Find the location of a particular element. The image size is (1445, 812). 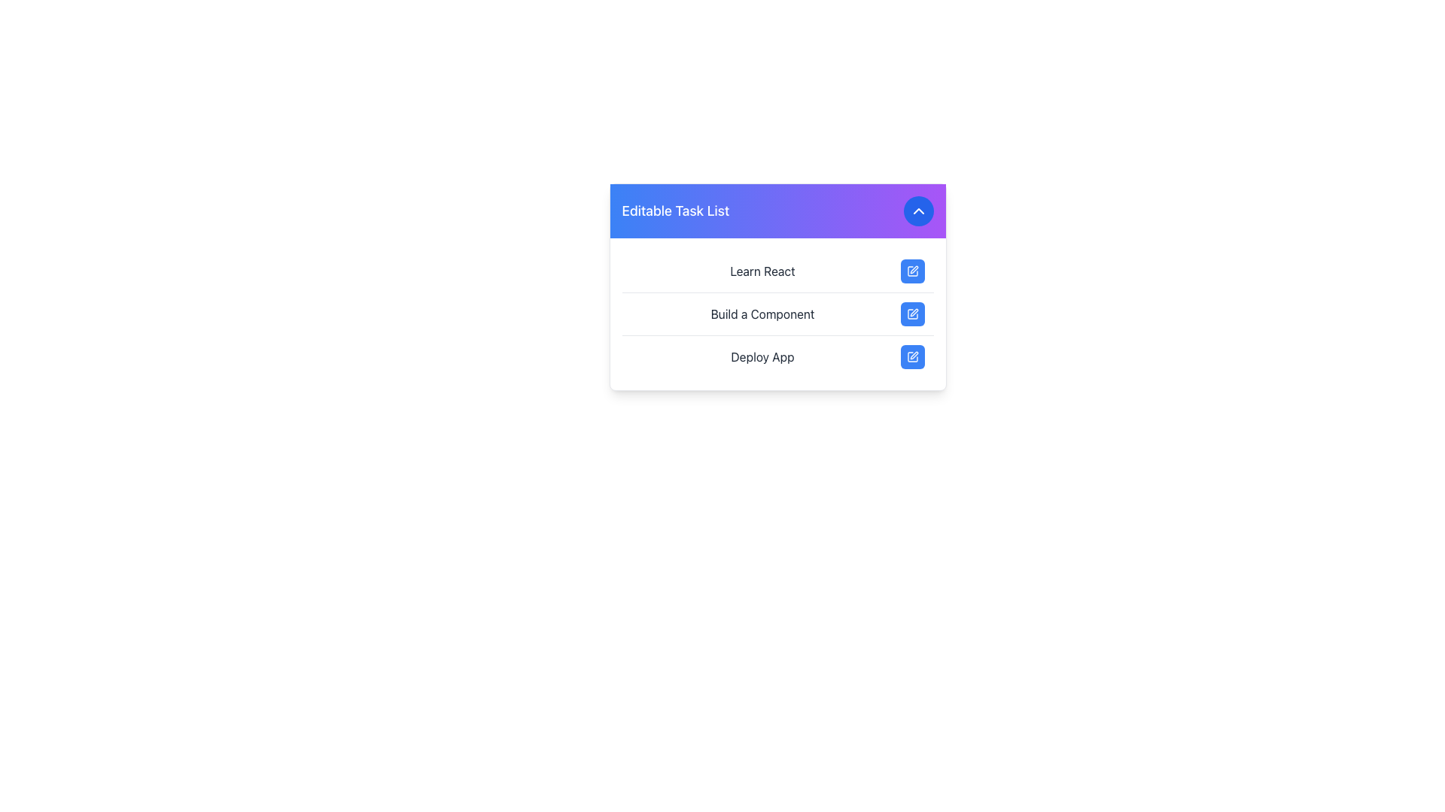

the small blue button with a white pen icon, which is the last button in the series adjacent to the 'Deploy App' text in the 'Editable Task List' card is located at coordinates (911, 356).